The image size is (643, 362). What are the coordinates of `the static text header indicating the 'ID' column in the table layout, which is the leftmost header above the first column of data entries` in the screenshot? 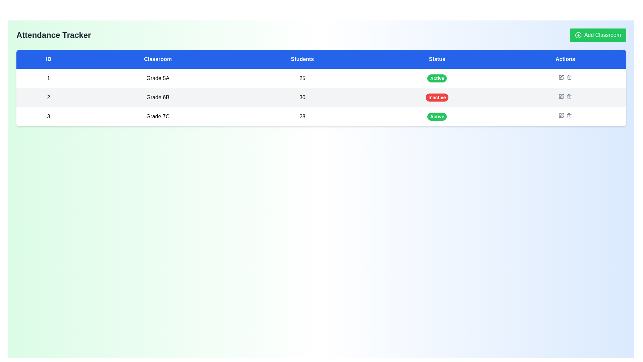 It's located at (48, 59).